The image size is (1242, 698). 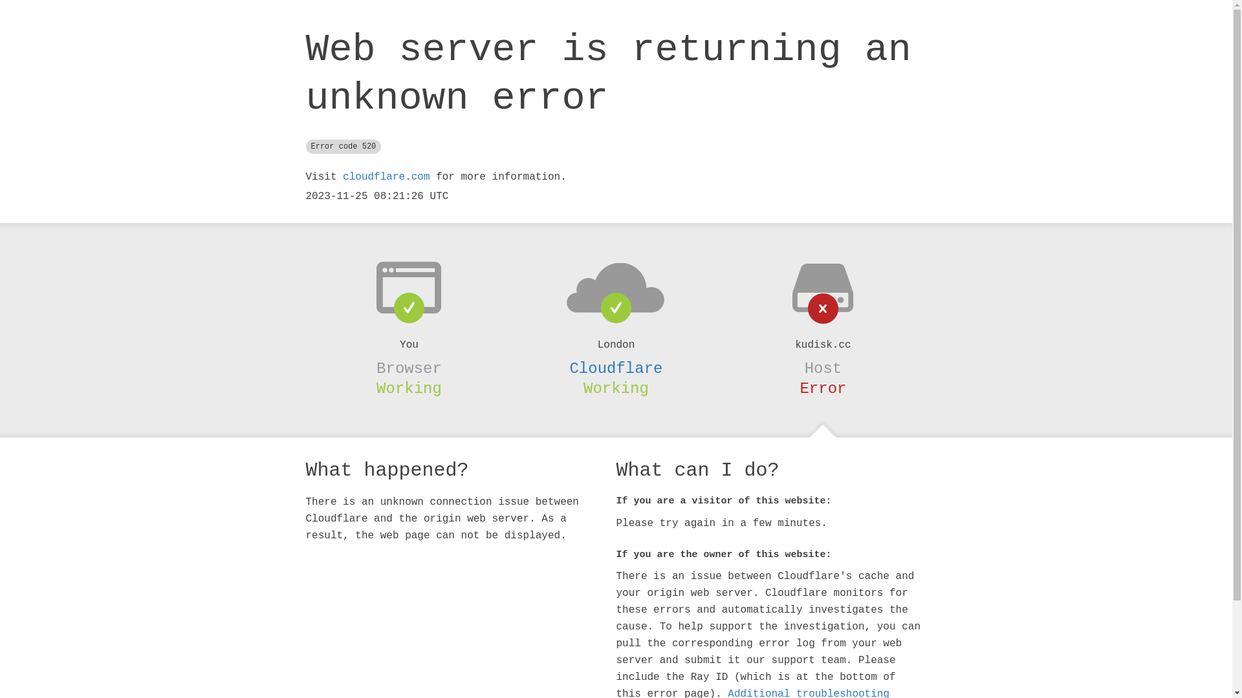 I want to click on 'Cloudflare', so click(x=615, y=368).